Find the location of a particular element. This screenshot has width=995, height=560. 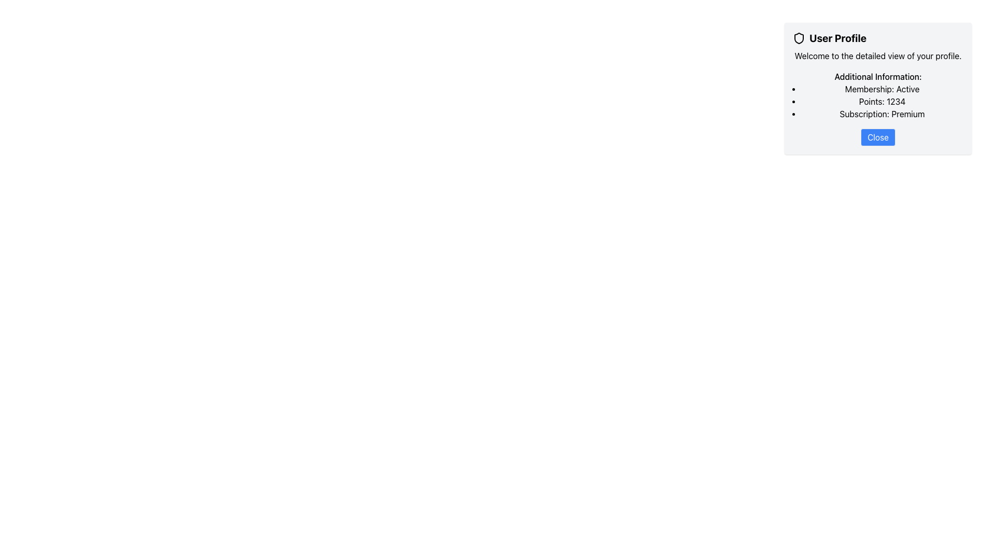

the bold text label displaying 'Additional Information:' located in the 'User Profile' modal window near the top of the list section is located at coordinates (877, 76).